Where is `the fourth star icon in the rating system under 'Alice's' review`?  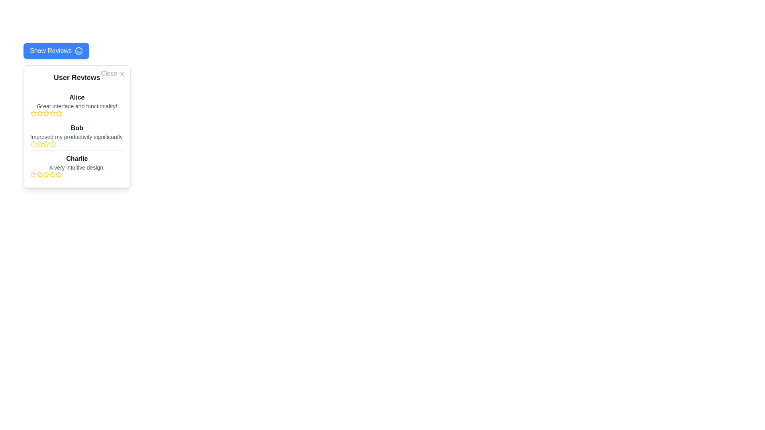 the fourth star icon in the rating system under 'Alice's' review is located at coordinates (45, 113).